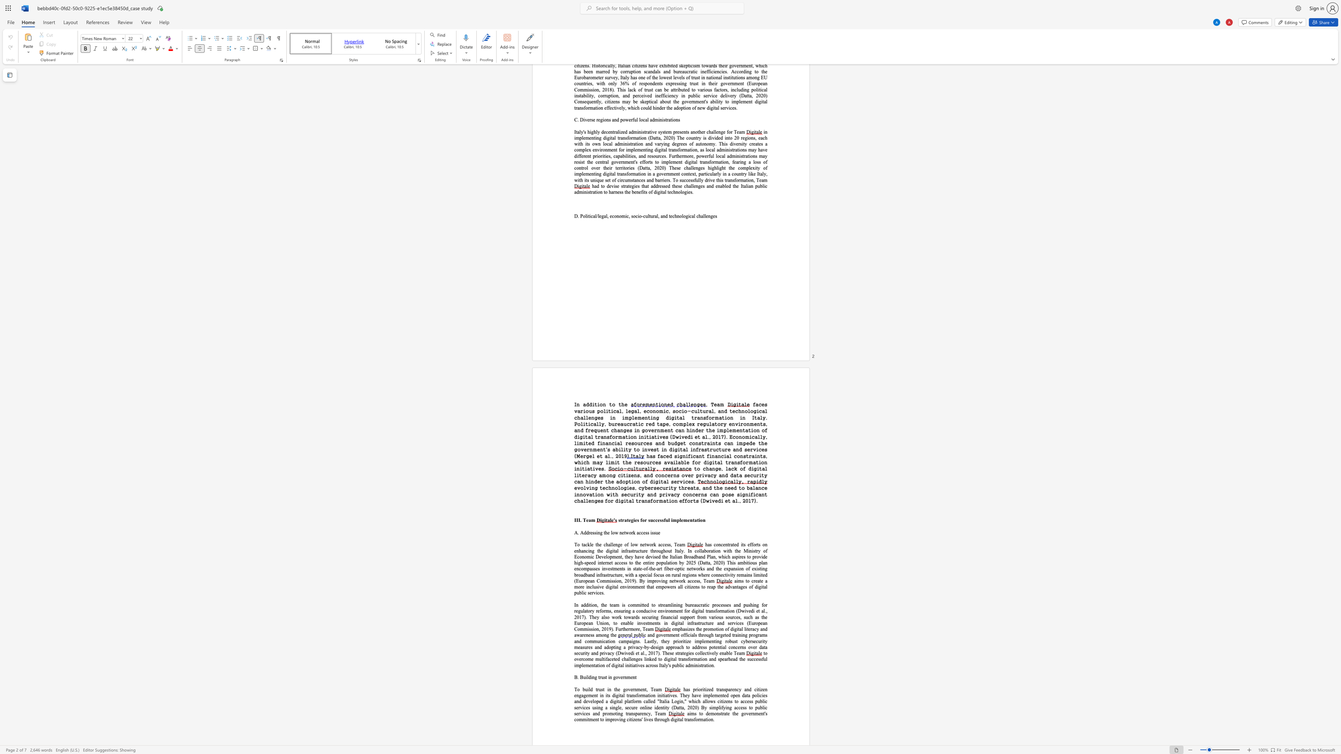  What do you see at coordinates (610, 551) in the screenshot?
I see `the subset text "gital infrastructure throughout Italy. In collaboration with the Ministry of Economic Development, they have devised the Italian Broadband Plan, which aspires to provide high-speed internet access to the entire population by 2025" within the text "has concentrated its efforts on enhancing the digital infrastructure throughout Italy. In collaboration with the Ministry of Economic Development, they have devised the Italian Broadband Plan, which aspires to provide high-speed internet access to the entire population by 2025 (Datta, 2020) This ambitious plan encompasses investments in state-of-the-art fiber-optic networks and the expansion of existing broadband infrastructure, with a special foc"` at bounding box center [610, 551].